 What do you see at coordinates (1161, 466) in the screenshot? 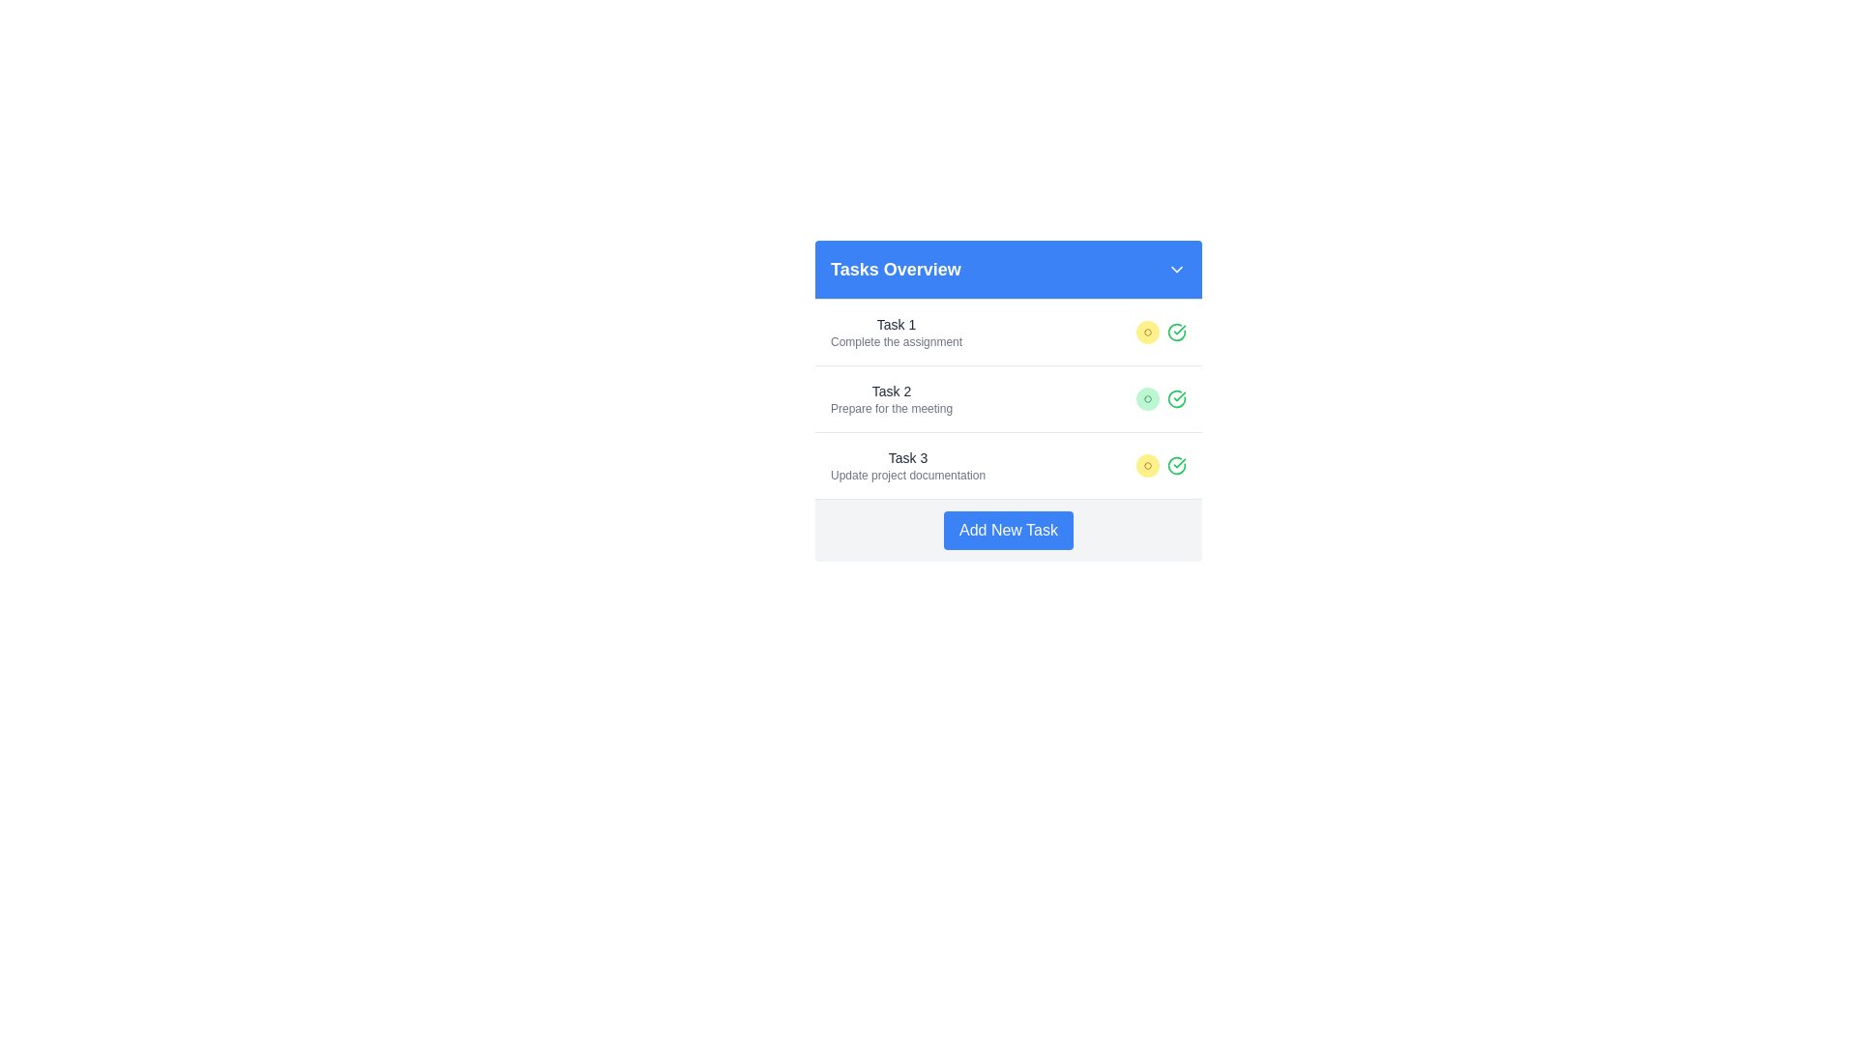
I see `the status label displaying 'pending' with a yellow background, which is located in the third row of tasks, to the right of 'Task 3 Update project documentation' and adjacent to a green circle with a checkmark` at bounding box center [1161, 466].